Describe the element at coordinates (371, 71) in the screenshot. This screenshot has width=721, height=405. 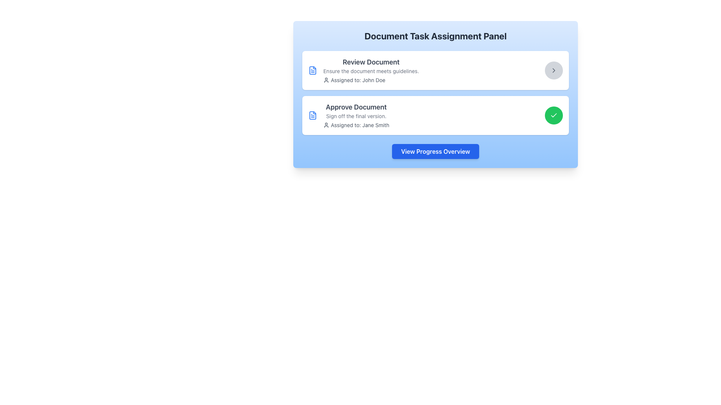
I see `static text statement 'Ensure the document meets guidelines' located below the heading 'Review Document' in the first task card` at that location.